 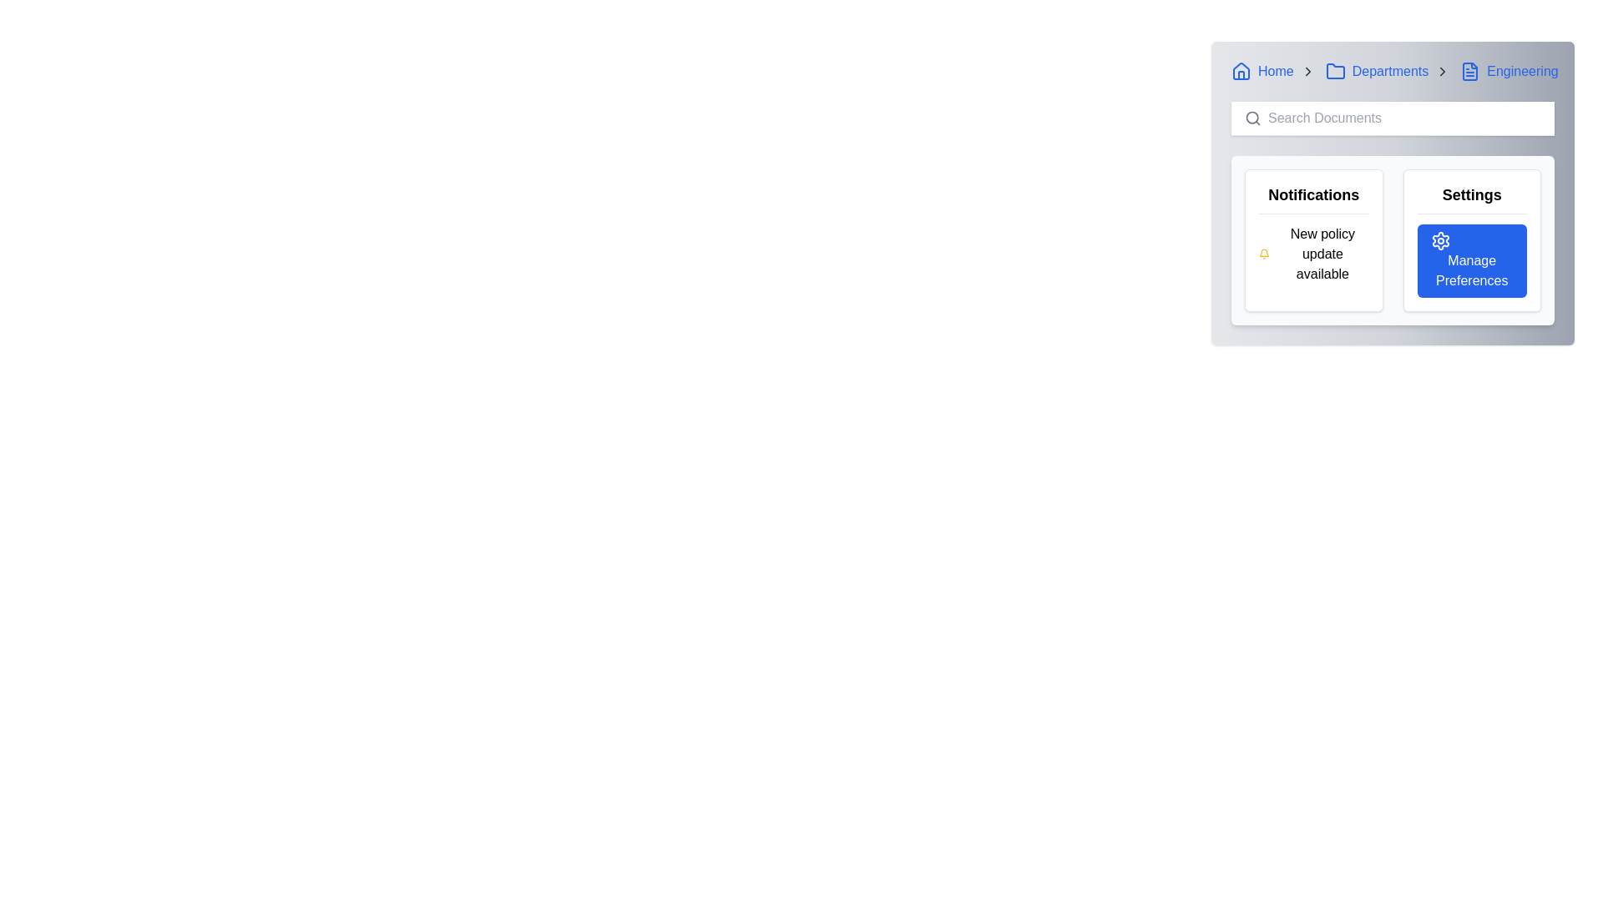 I want to click on the right-facing chevron arrow icon within the SVG component, which separates the 'Departments' label from the 'Engineering' label in the header bar, so click(x=1307, y=70).